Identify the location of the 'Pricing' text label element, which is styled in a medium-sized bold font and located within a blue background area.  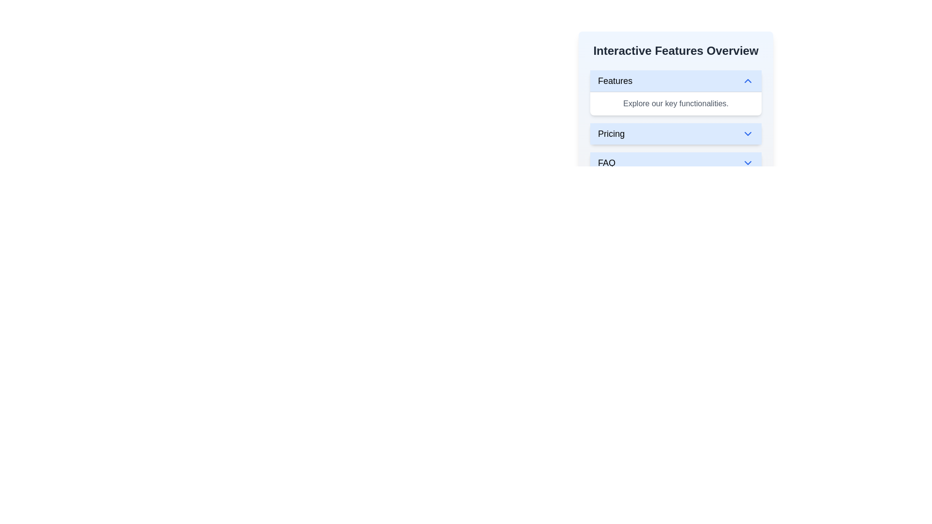
(611, 134).